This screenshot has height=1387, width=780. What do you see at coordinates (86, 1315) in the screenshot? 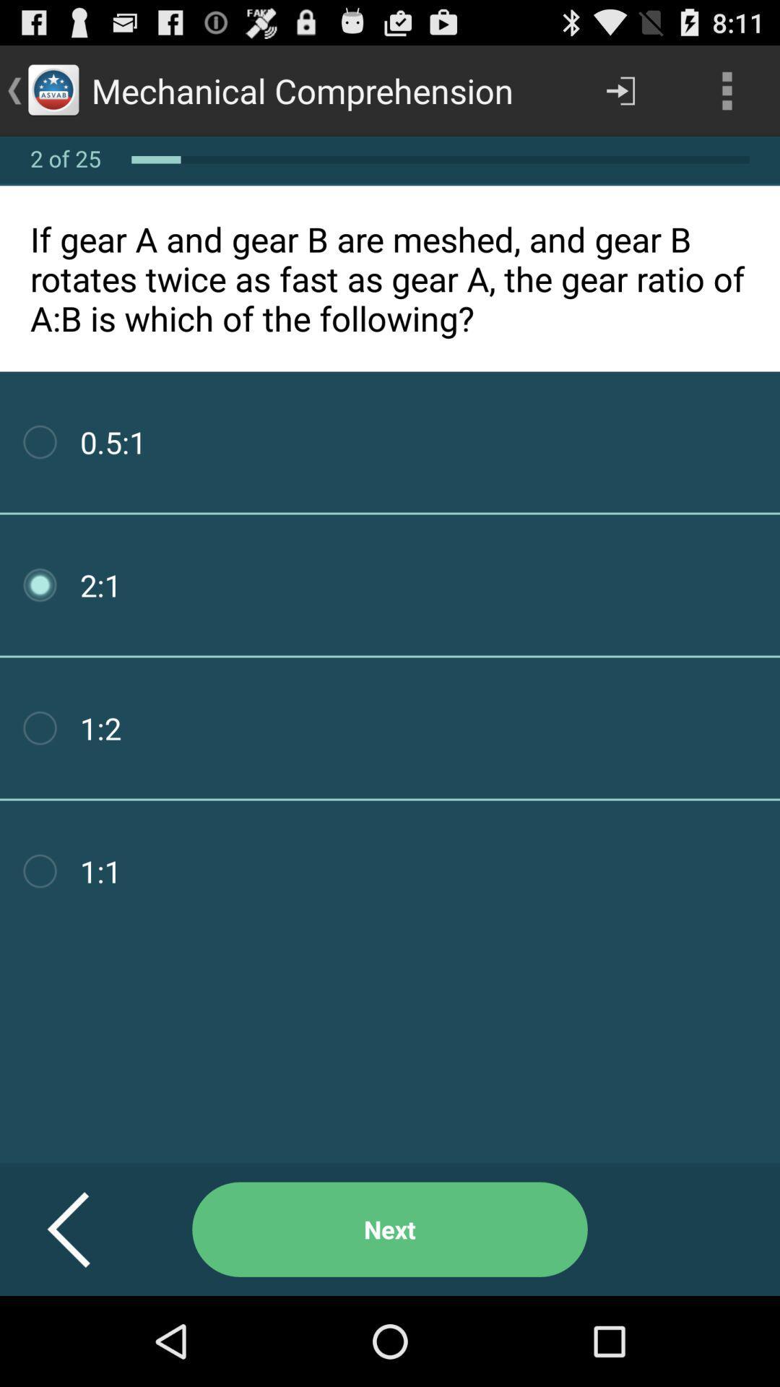
I see `the arrow_backward icon` at bounding box center [86, 1315].